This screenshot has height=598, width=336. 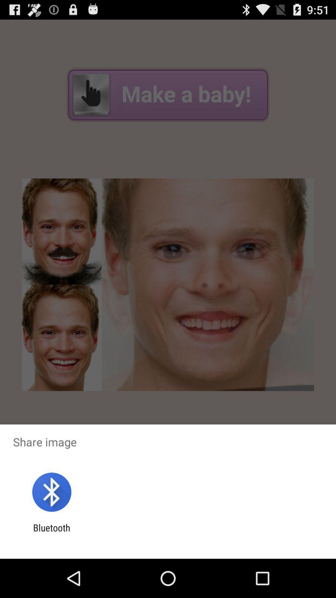 What do you see at coordinates (51, 492) in the screenshot?
I see `app above bluetooth` at bounding box center [51, 492].